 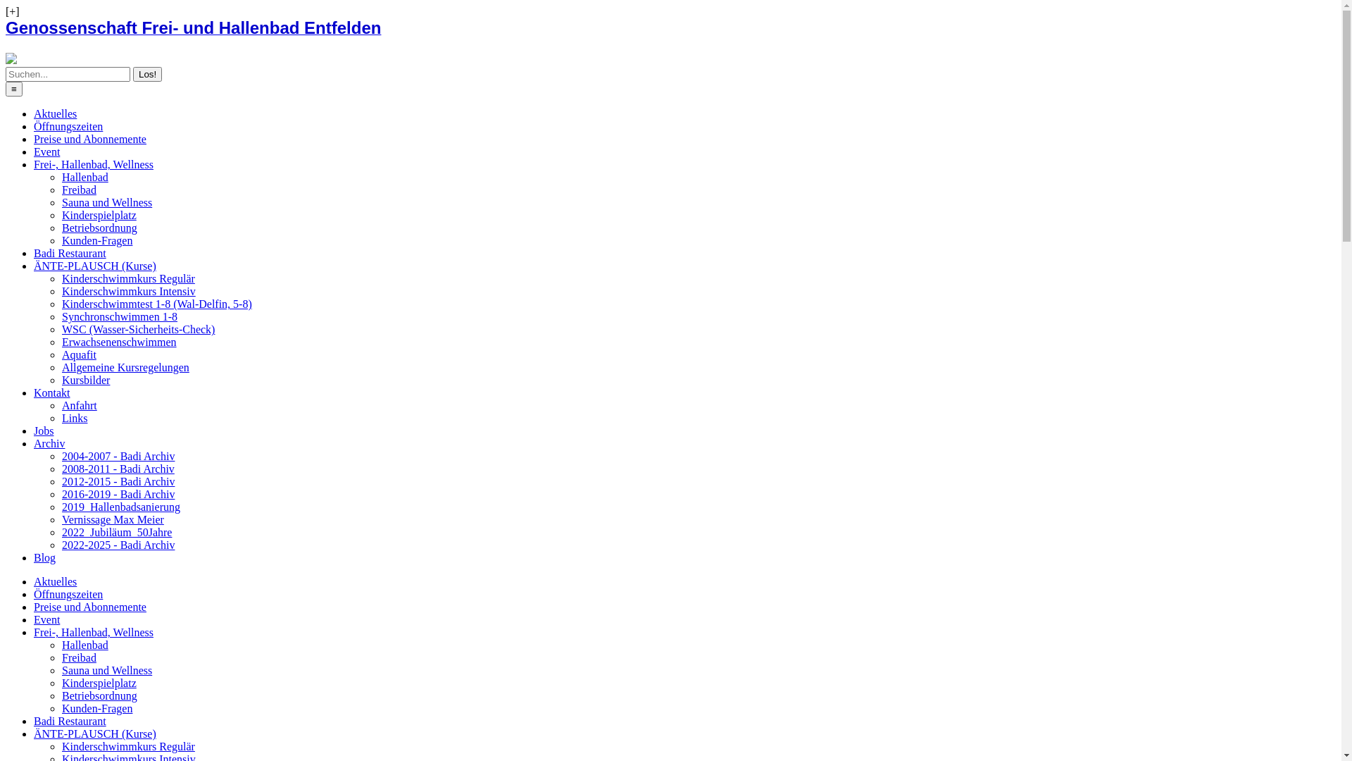 I want to click on 'Kinderschwimmkurs Intensiv', so click(x=128, y=290).